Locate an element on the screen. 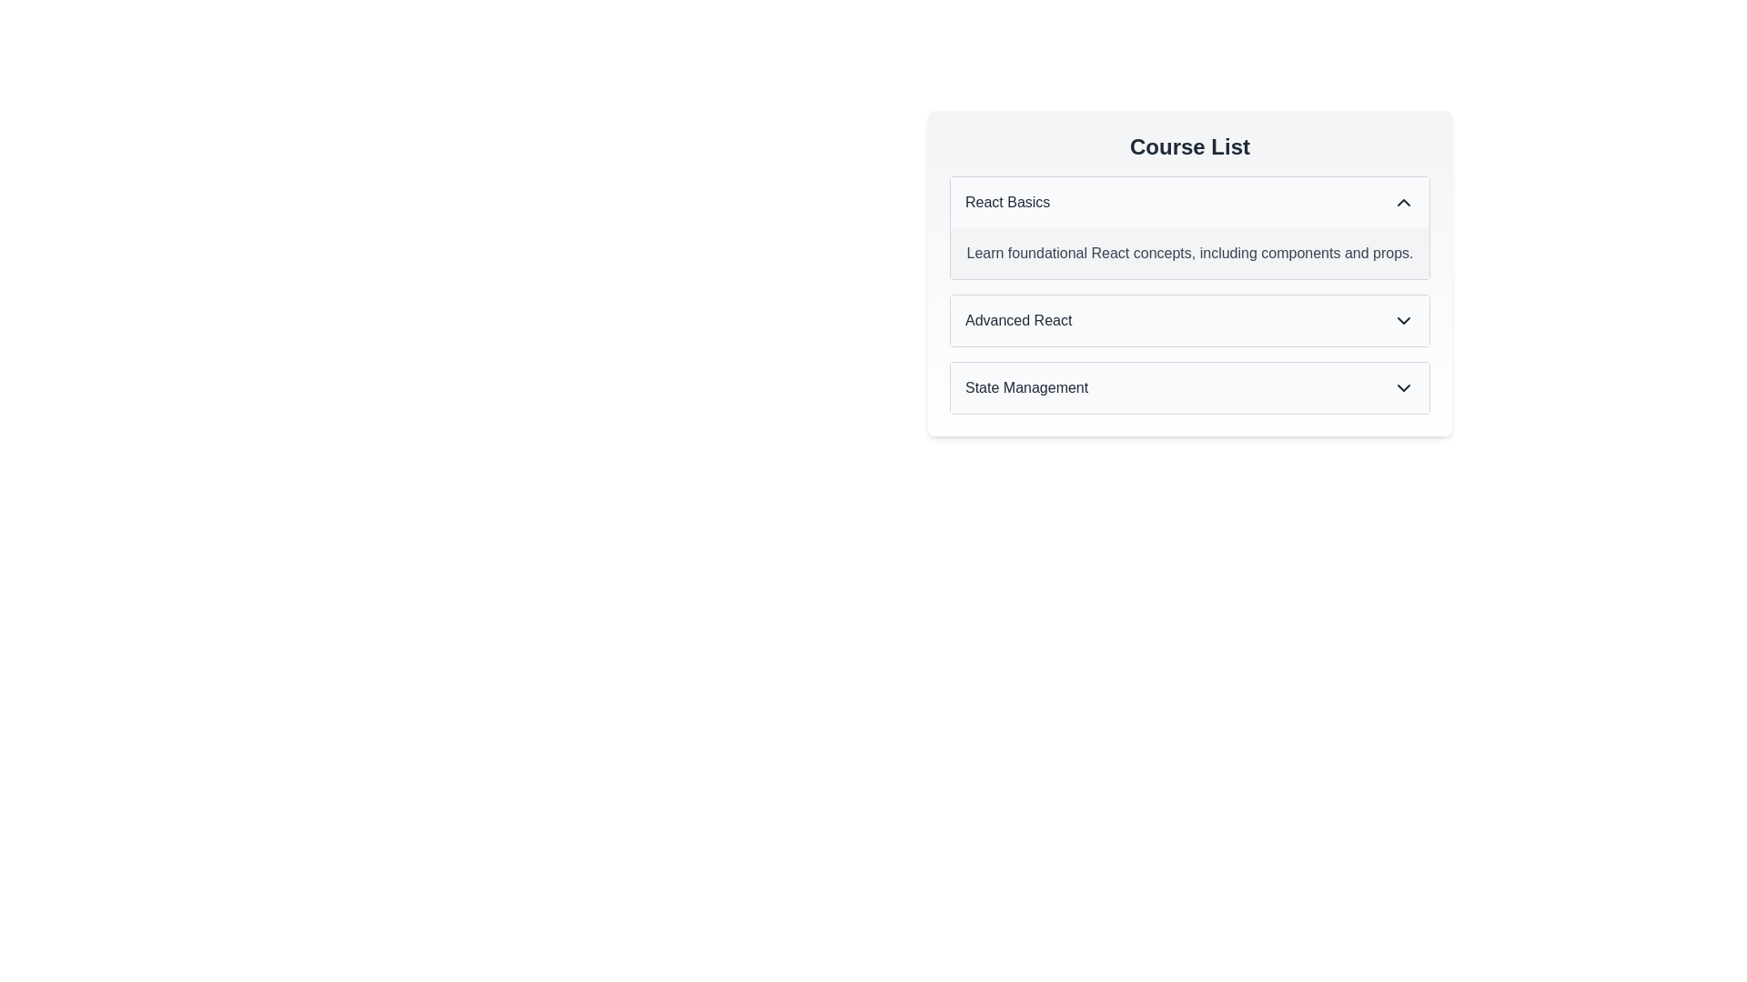 The width and height of the screenshot is (1747, 982). the chevron indicator at the far-right end of the 'React Basics' section is located at coordinates (1402, 203).